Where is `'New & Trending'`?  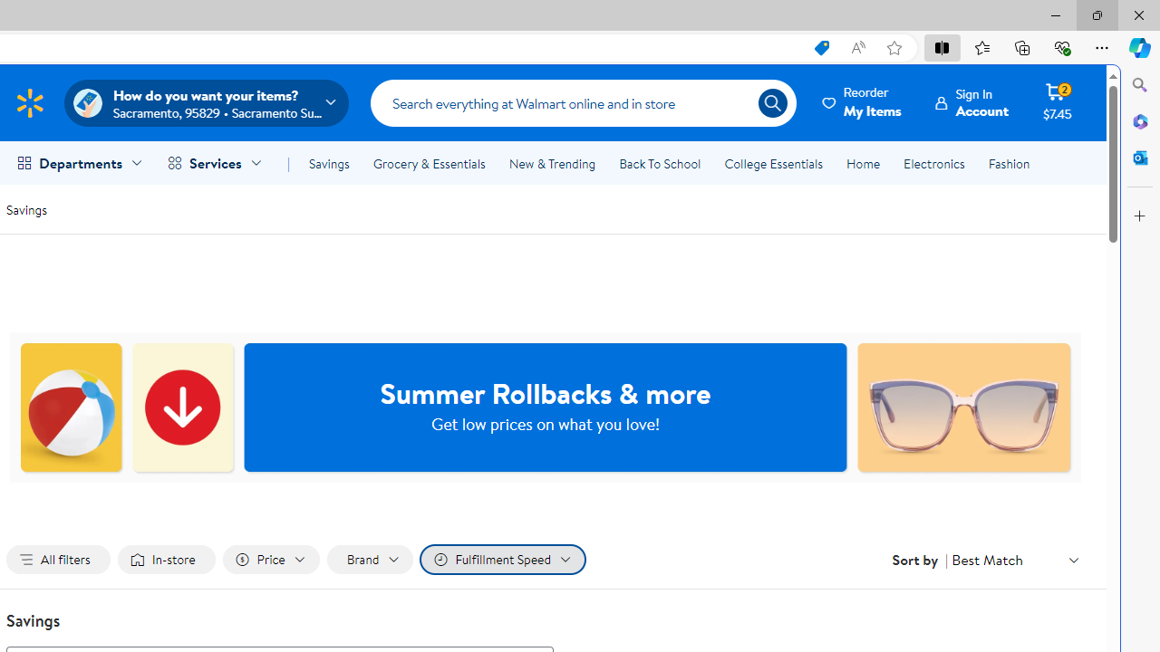
'New & Trending' is located at coordinates (551, 164).